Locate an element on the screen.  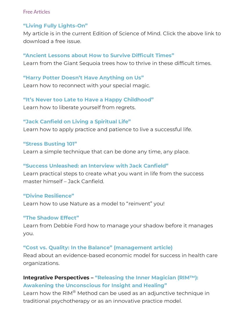
'Learn how the RIM' is located at coordinates (48, 292).